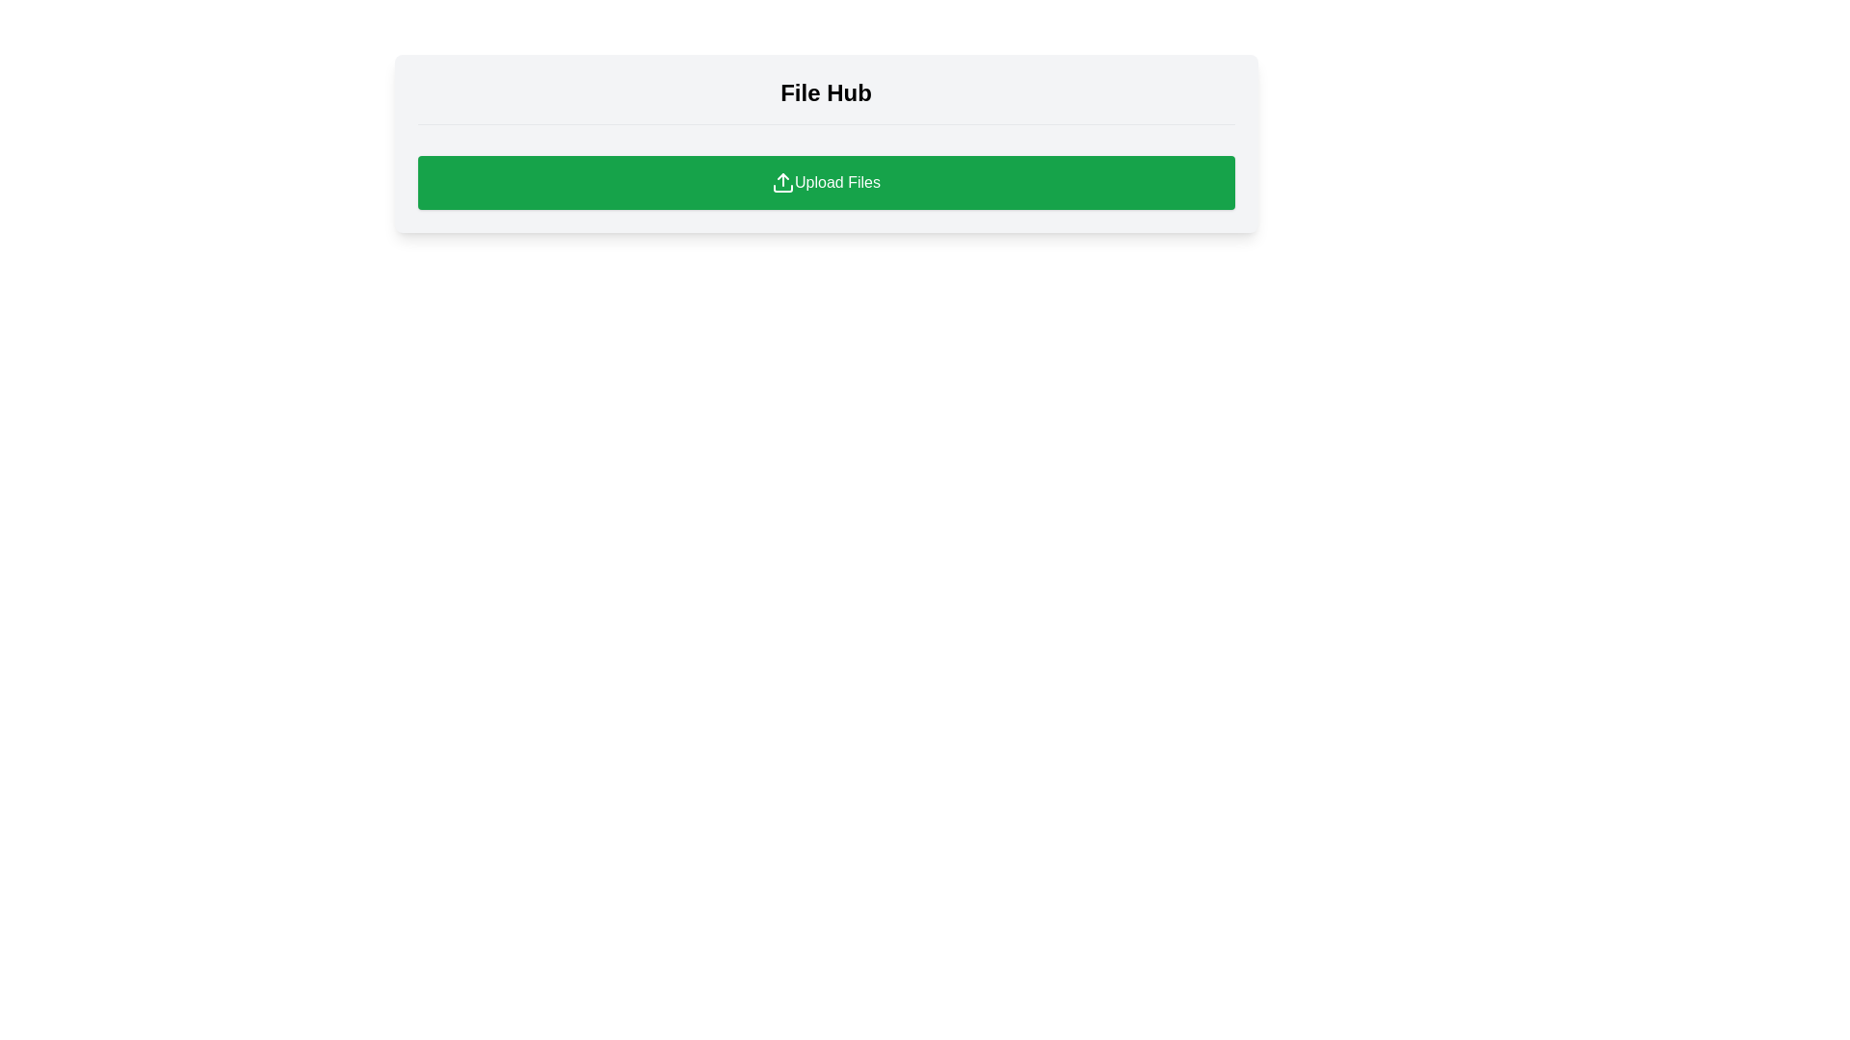 The image size is (1850, 1040). Describe the element at coordinates (783, 189) in the screenshot. I see `the horizontal bar-like visual component at the bottom of the upload icon within the green 'Upload Files' button` at that location.